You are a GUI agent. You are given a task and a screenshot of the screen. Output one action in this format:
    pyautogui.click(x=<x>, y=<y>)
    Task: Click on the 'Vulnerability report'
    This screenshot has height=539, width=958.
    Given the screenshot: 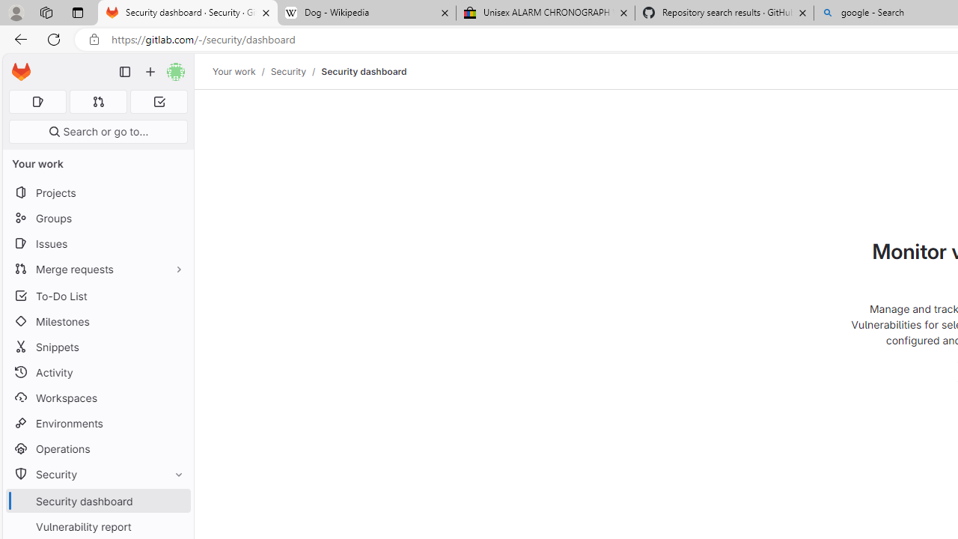 What is the action you would take?
    pyautogui.click(x=97, y=526)
    